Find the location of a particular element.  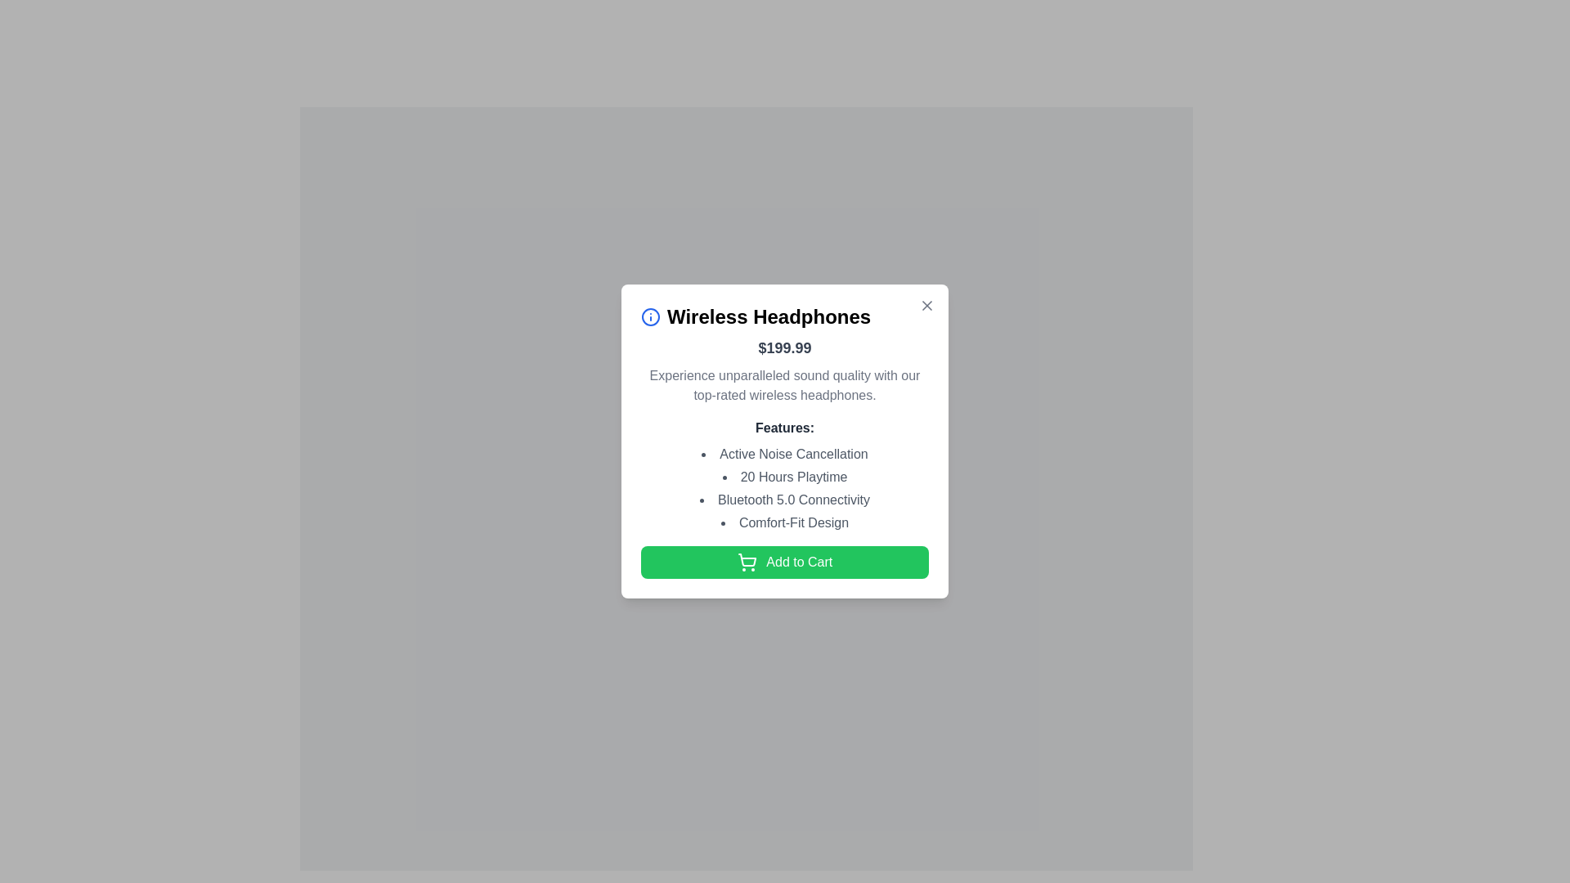

the text element reading 'Bluetooth 5.0 Connectivity', which is the third item in the features list, positioned between '20 Hours Playtime' and 'Comfort-Fit Design' is located at coordinates (785, 498).